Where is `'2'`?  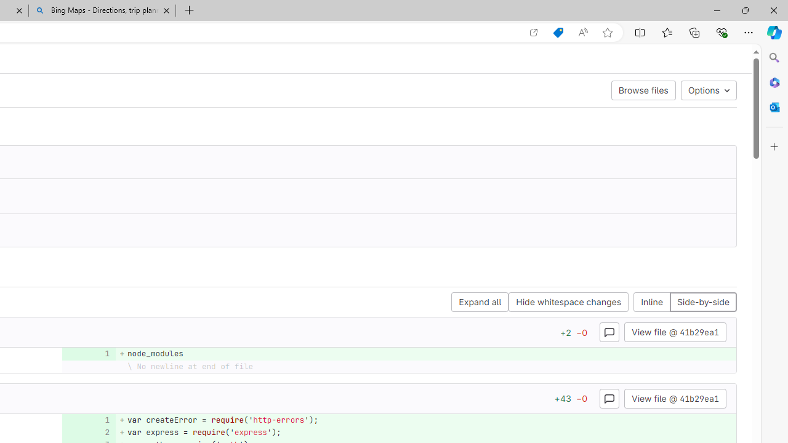 '2' is located at coordinates (87, 431).